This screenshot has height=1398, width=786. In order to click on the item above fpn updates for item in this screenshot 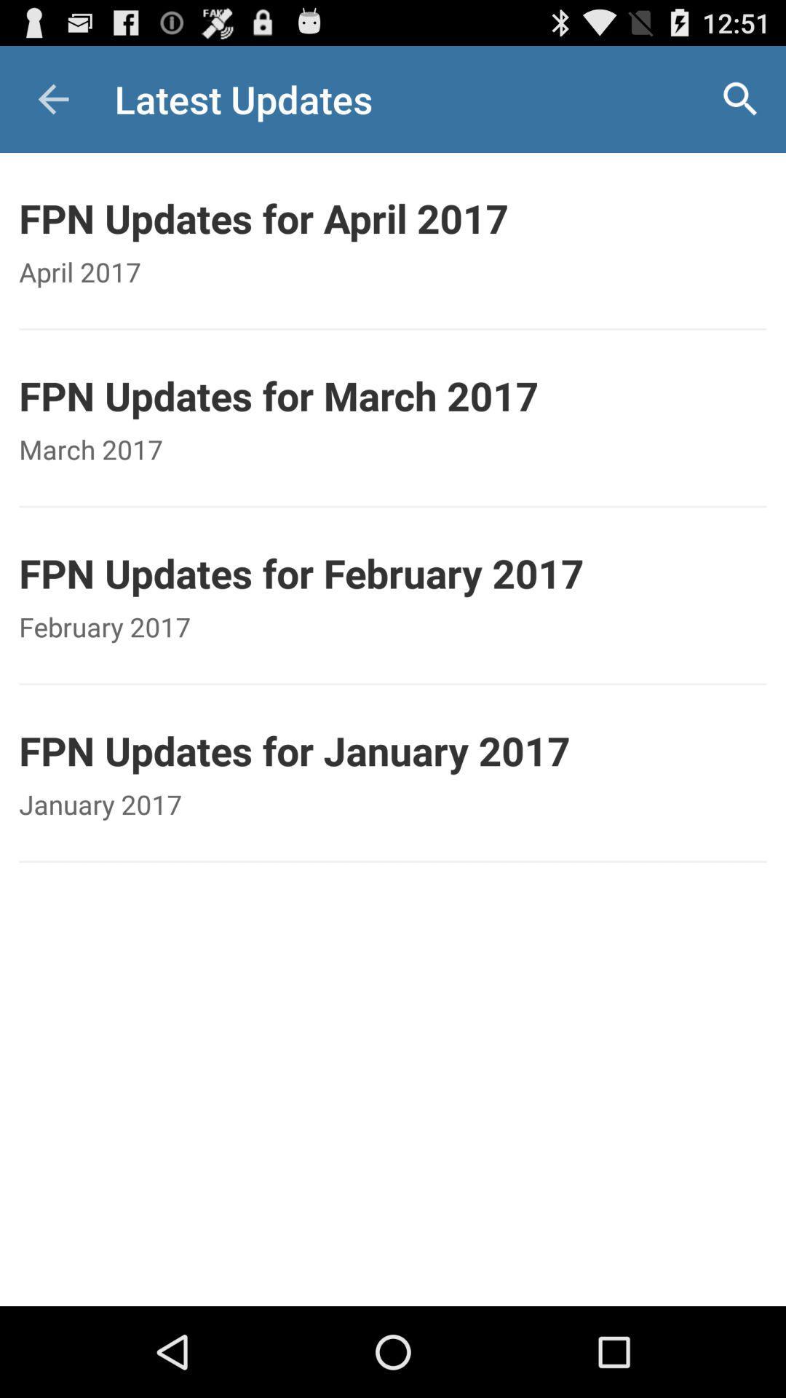, I will do `click(52, 98)`.